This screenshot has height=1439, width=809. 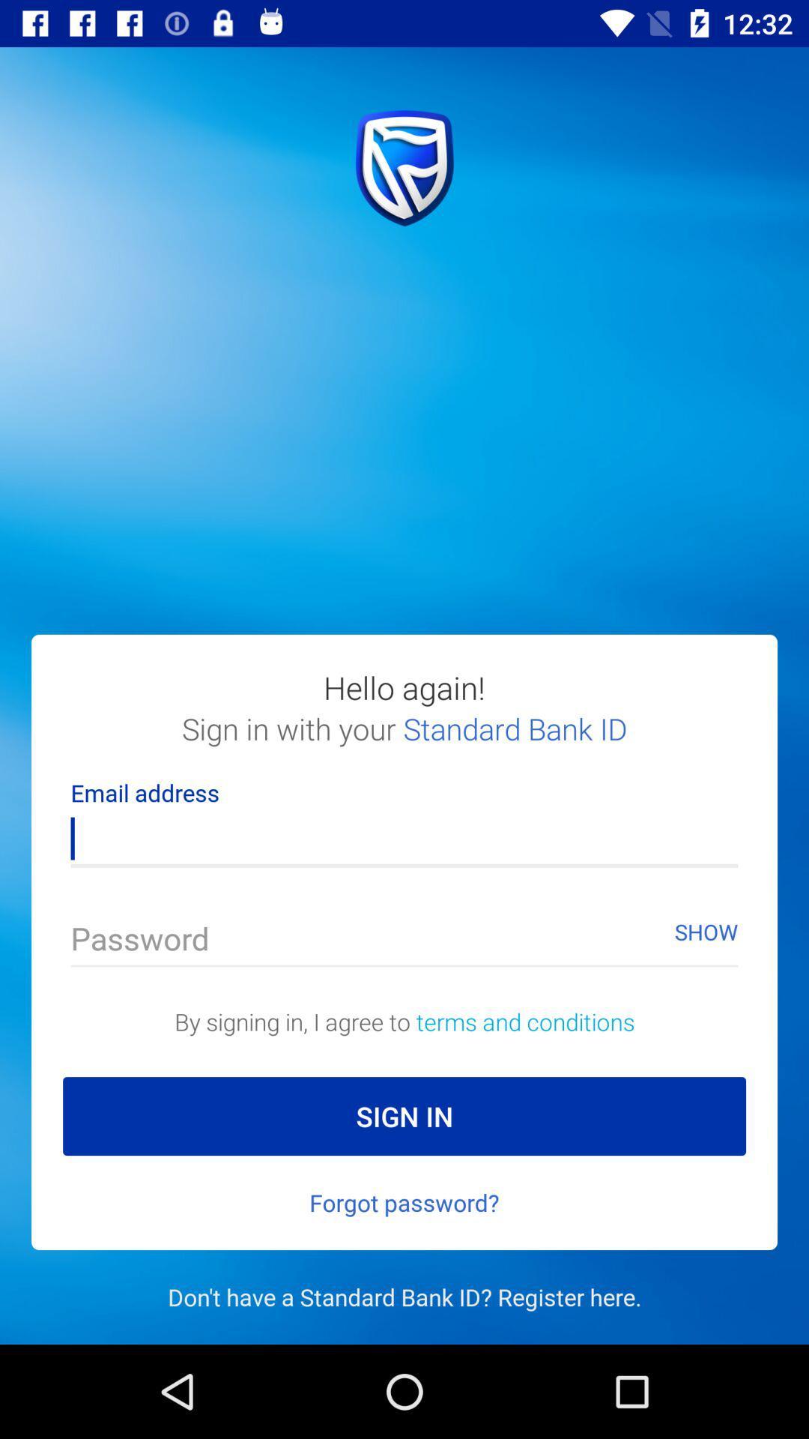 I want to click on bring up password keyboard, so click(x=404, y=941).